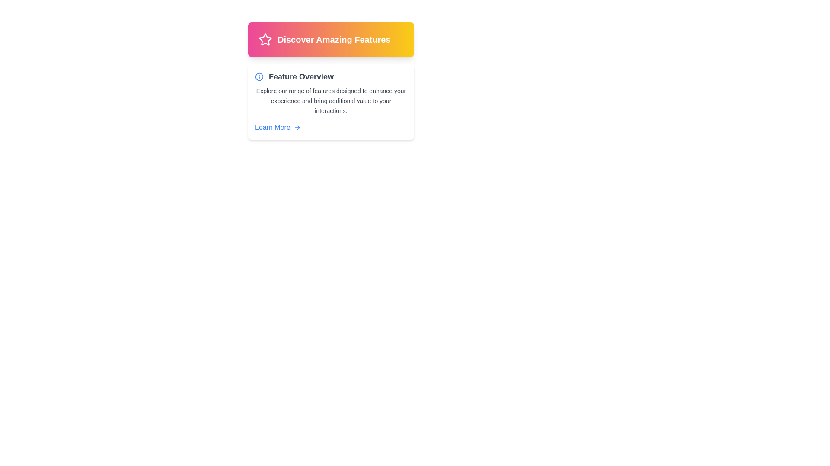 This screenshot has height=466, width=830. What do you see at coordinates (333, 40) in the screenshot?
I see `the text label that reads 'Discover Amazing Features', which is bold and large, styled in white against a vibrant pink to orange gradient background` at bounding box center [333, 40].